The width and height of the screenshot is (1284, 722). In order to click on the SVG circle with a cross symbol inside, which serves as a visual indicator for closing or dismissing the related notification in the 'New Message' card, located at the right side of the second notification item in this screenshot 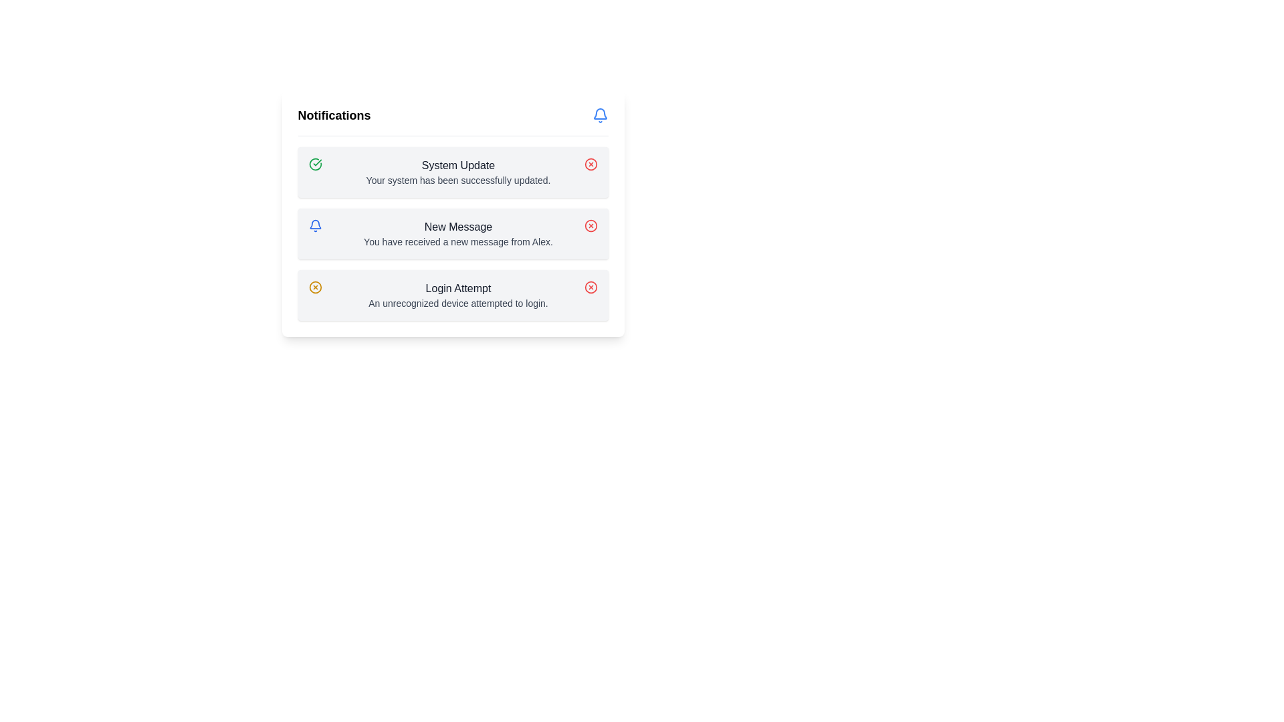, I will do `click(590, 225)`.